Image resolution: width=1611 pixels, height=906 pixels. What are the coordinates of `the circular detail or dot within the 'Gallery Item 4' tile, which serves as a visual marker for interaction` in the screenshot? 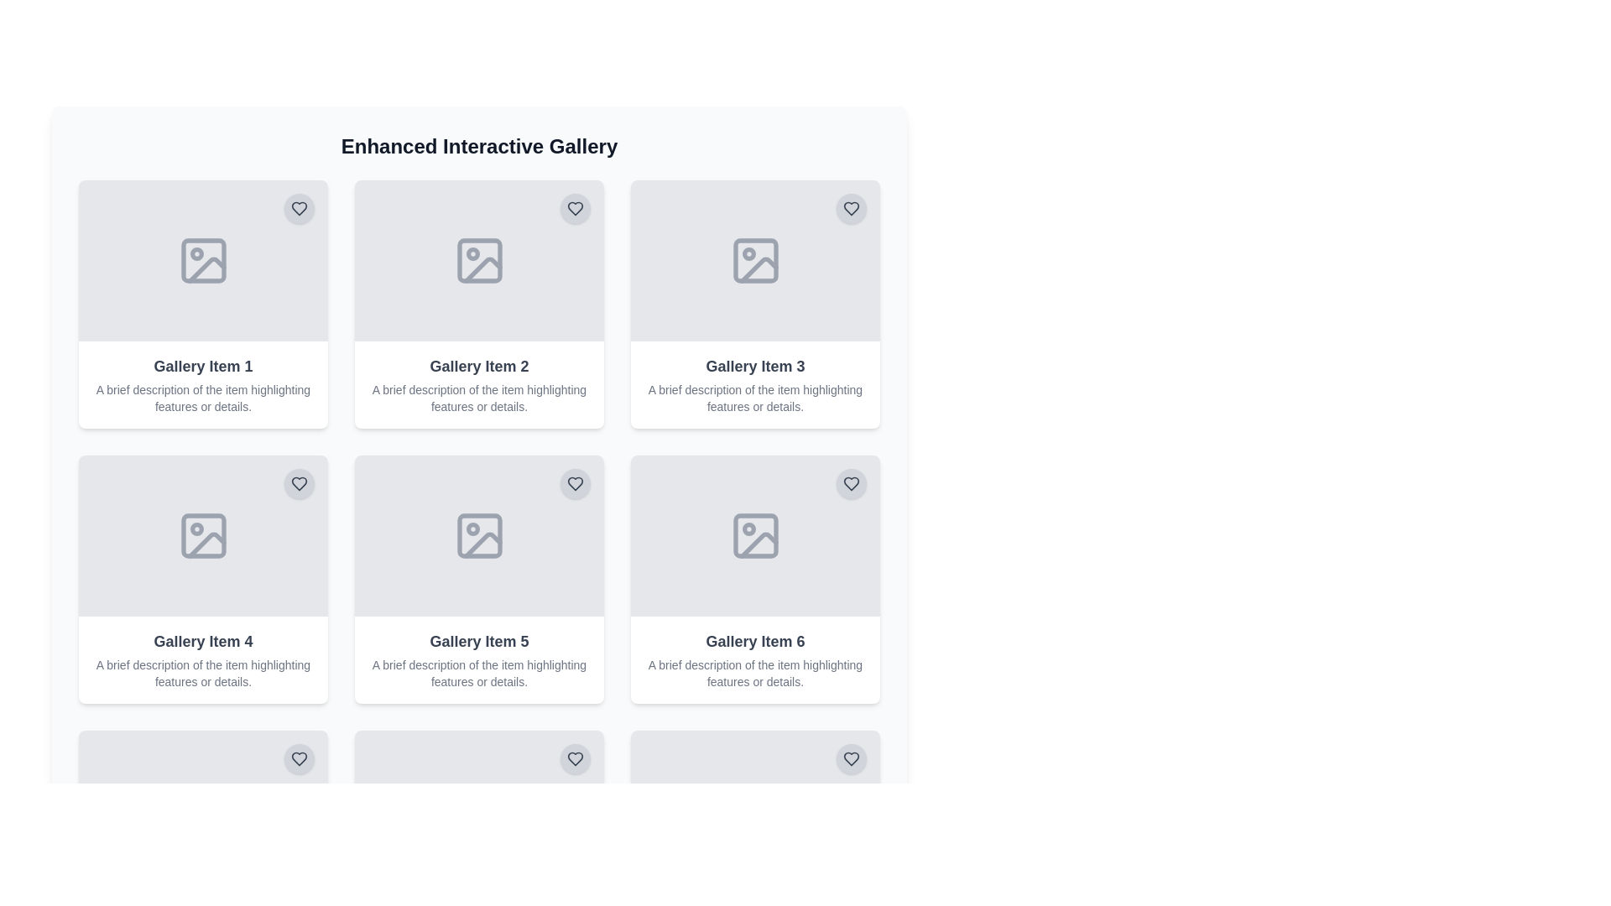 It's located at (196, 529).